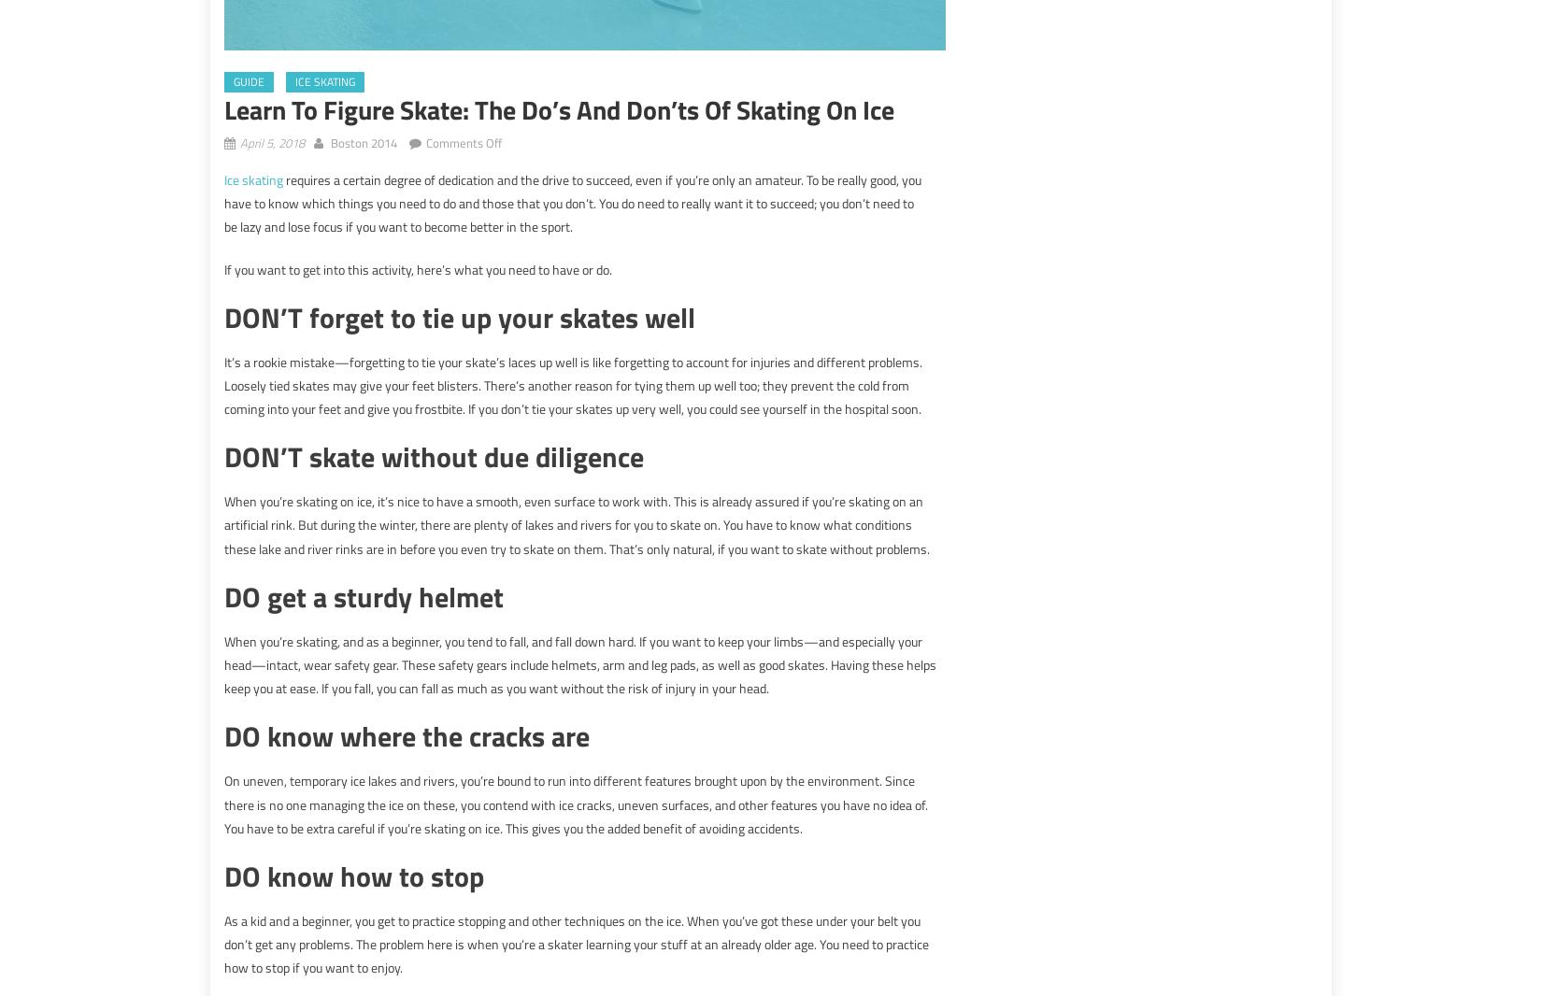 The height and width of the screenshot is (996, 1542). Describe the element at coordinates (571, 202) in the screenshot. I see `'requires a certain degree of dedication and the drive to succeed, even if you’re only an amateur. To be really good, you have to know which things you need to do and those that you don’t. You do need to really want it to succeed; you don’t need to be lazy and lose focus if you want to become better in the sport.'` at that location.